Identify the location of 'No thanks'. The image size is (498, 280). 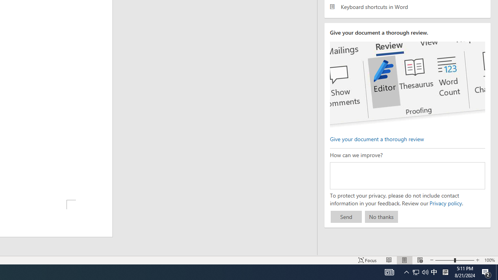
(381, 217).